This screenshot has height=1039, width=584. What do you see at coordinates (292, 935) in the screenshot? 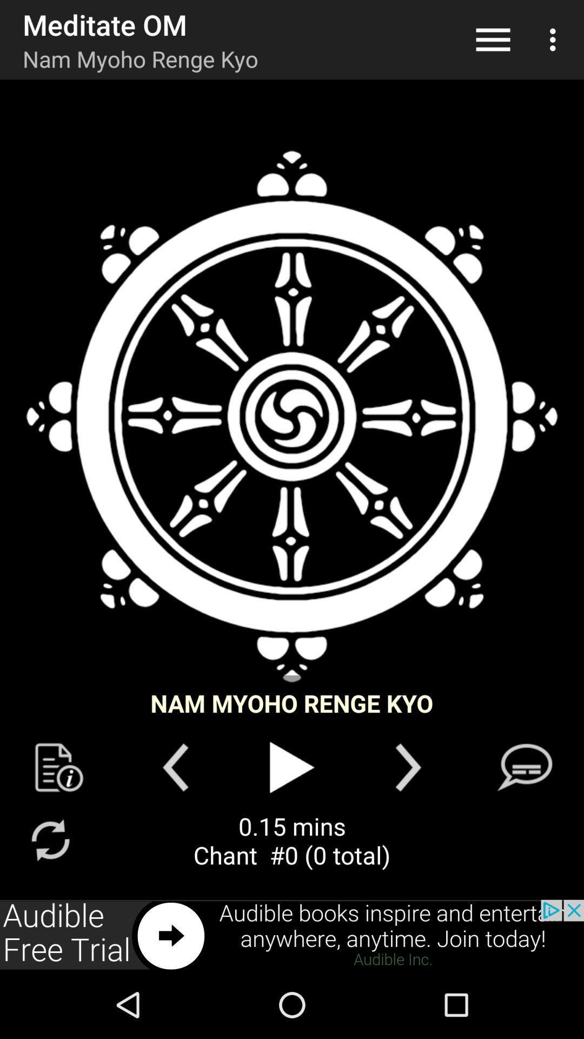
I see `advertisement page` at bounding box center [292, 935].